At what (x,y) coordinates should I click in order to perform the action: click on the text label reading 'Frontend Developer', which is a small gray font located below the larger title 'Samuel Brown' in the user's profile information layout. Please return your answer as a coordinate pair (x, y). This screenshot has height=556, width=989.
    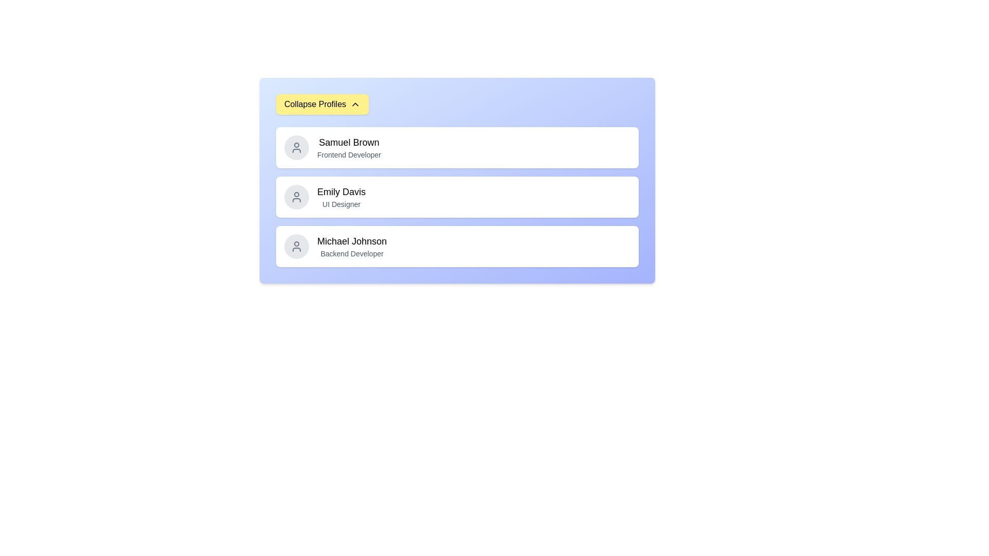
    Looking at the image, I should click on (349, 154).